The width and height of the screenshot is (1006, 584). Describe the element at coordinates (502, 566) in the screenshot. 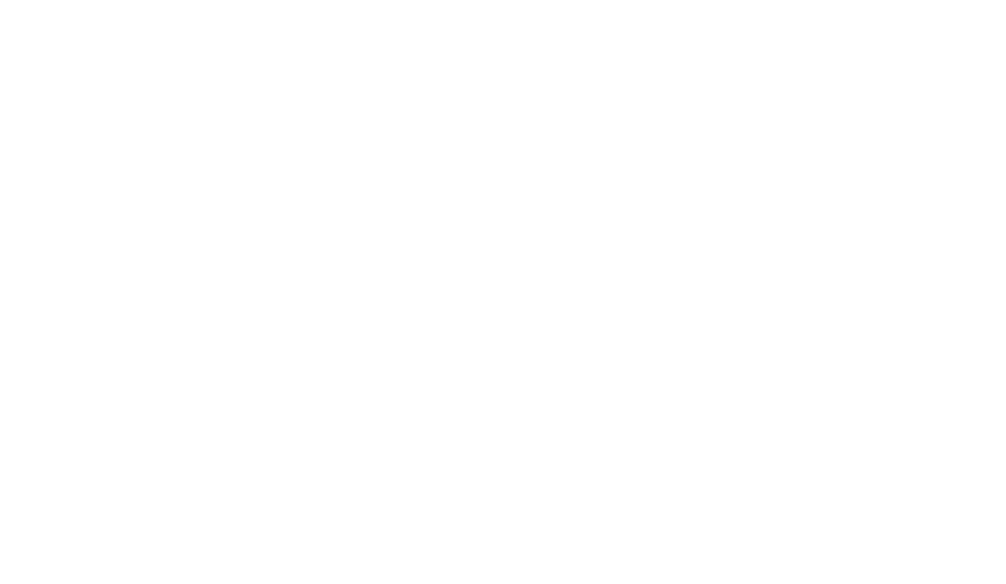

I see `'Lisbonne'` at that location.